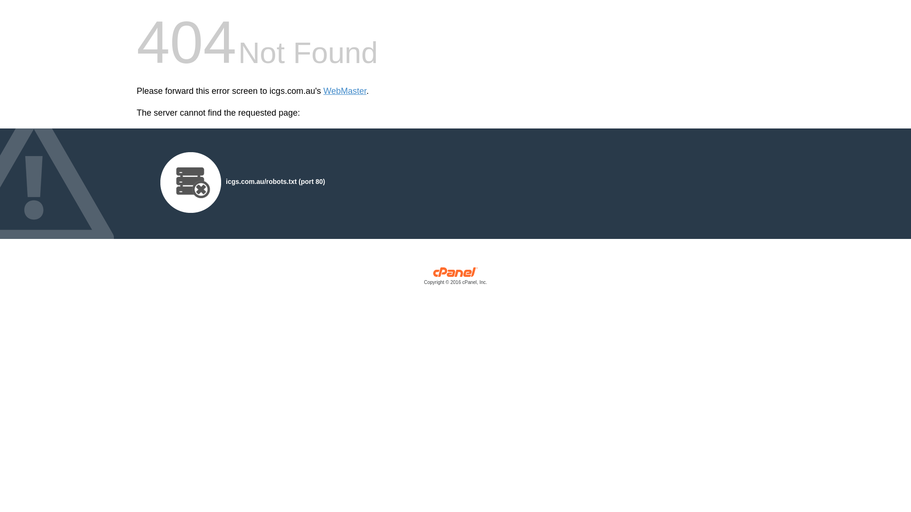 This screenshot has height=512, width=911. What do you see at coordinates (344, 91) in the screenshot?
I see `'WebMaster'` at bounding box center [344, 91].